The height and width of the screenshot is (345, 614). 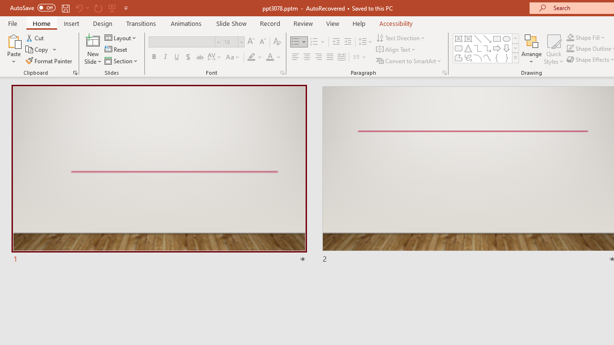 I want to click on 'Shape Fill Dark Green, Accent 2', so click(x=570, y=37).